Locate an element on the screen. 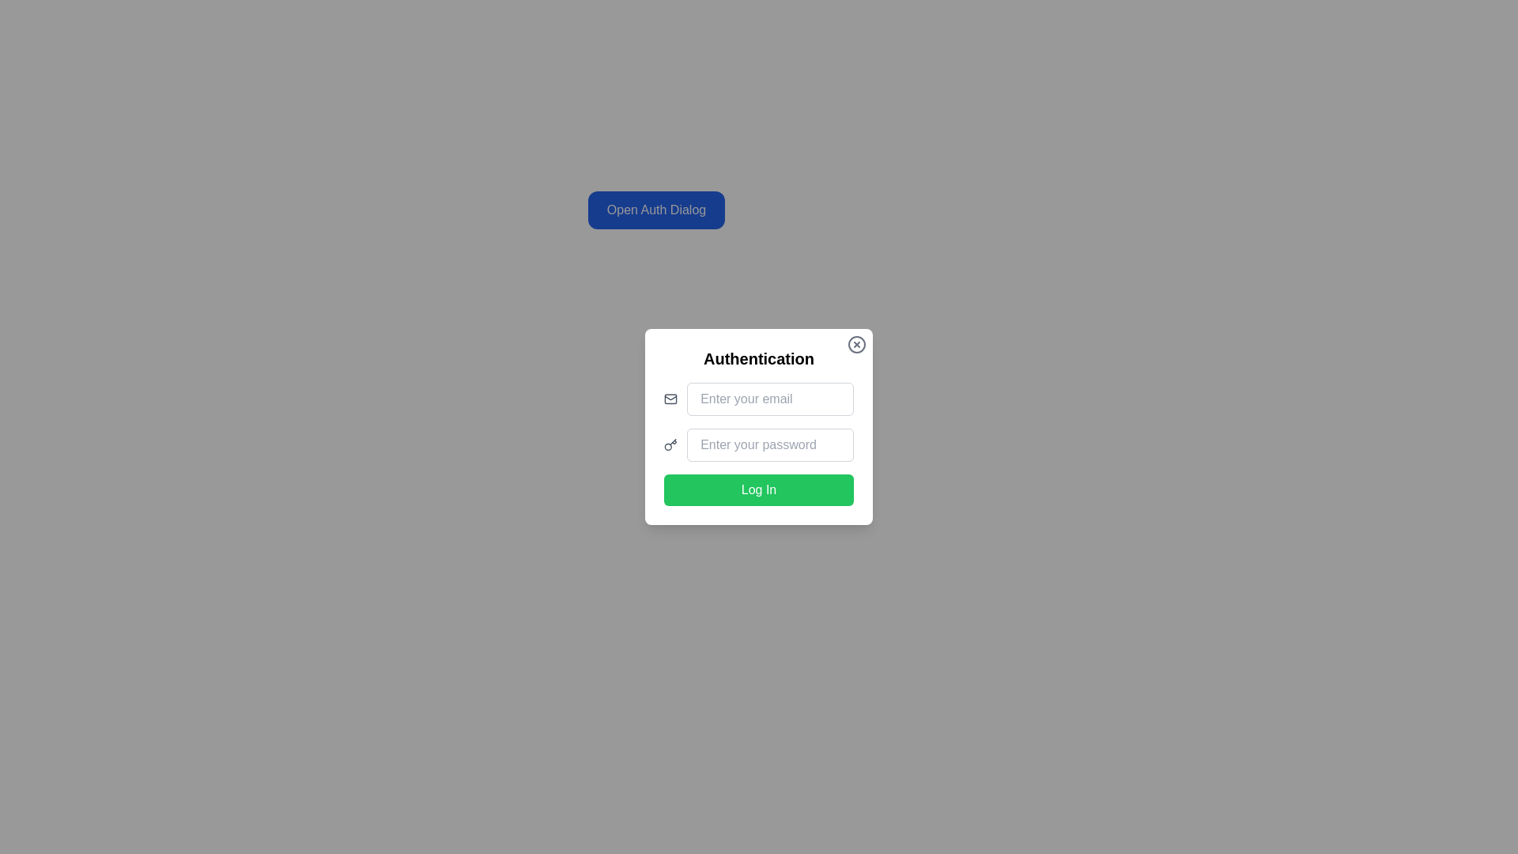 The width and height of the screenshot is (1518, 854). the SVG icon representing email functionality located to the left of the 'Enter your email' input field in the Authentication dialog box is located at coordinates (670, 399).